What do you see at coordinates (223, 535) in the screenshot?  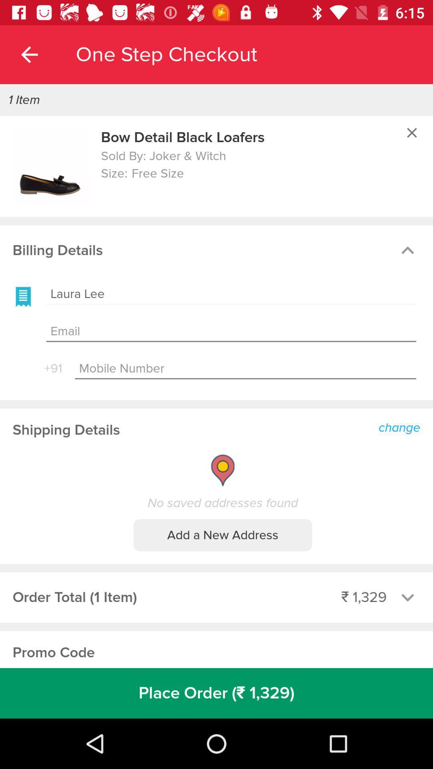 I see `the item below the no saved addresses` at bounding box center [223, 535].